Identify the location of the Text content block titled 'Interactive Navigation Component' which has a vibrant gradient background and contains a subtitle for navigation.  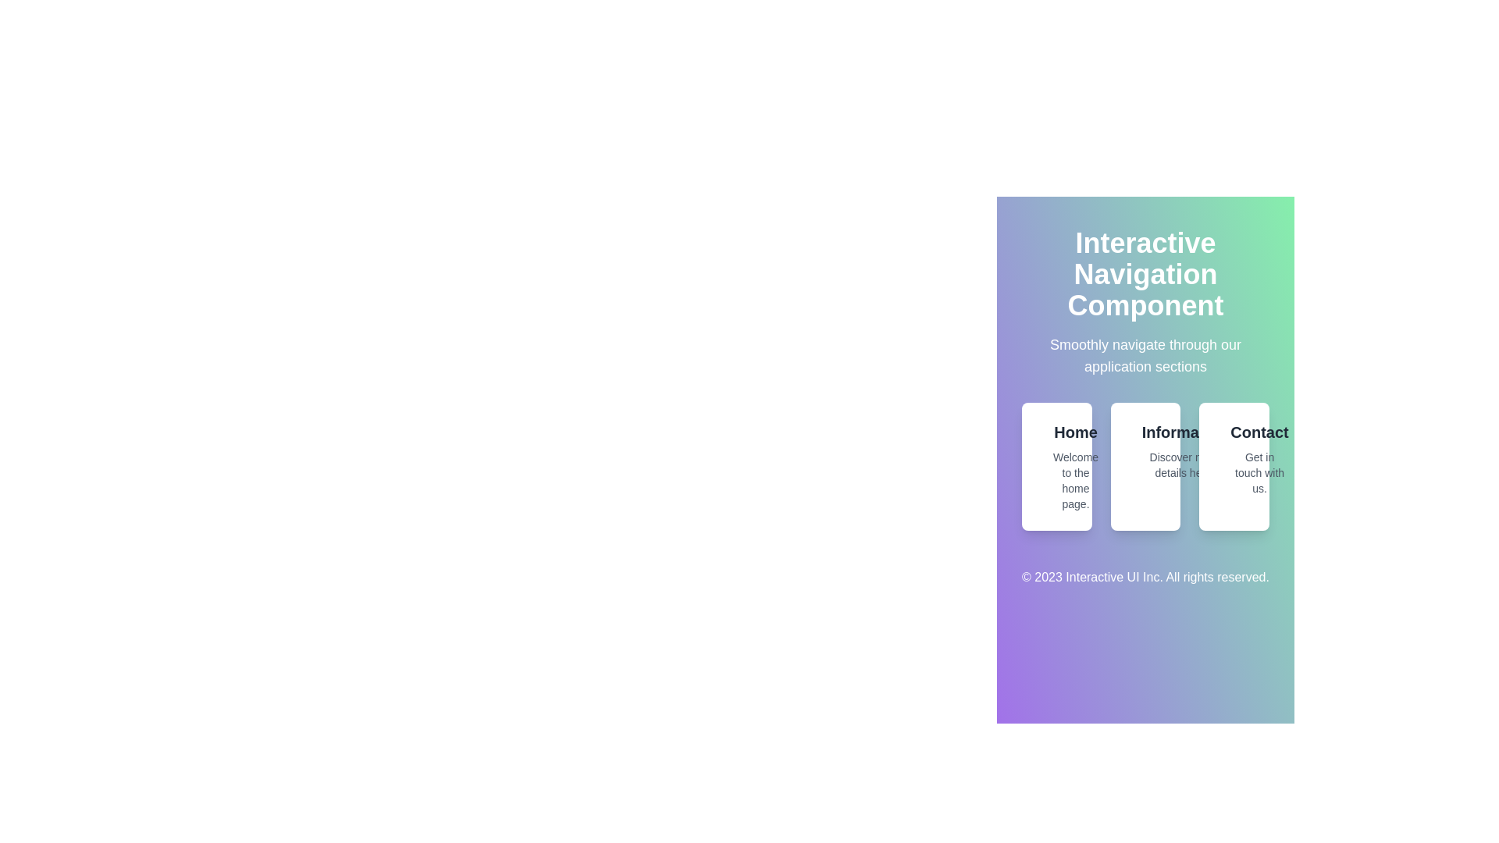
(1145, 303).